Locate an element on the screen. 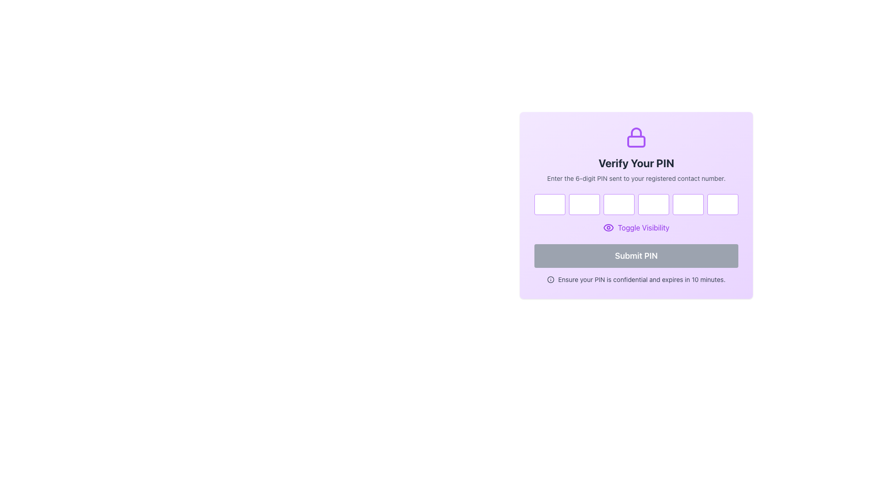  the outer elliptical stroke of the eye icon, which is part of the 'Toggle Visibility' feature for sensitive inputs, located to the right of the PIN entry boxes and above the 'Submit PIN' button is located at coordinates (609, 227).